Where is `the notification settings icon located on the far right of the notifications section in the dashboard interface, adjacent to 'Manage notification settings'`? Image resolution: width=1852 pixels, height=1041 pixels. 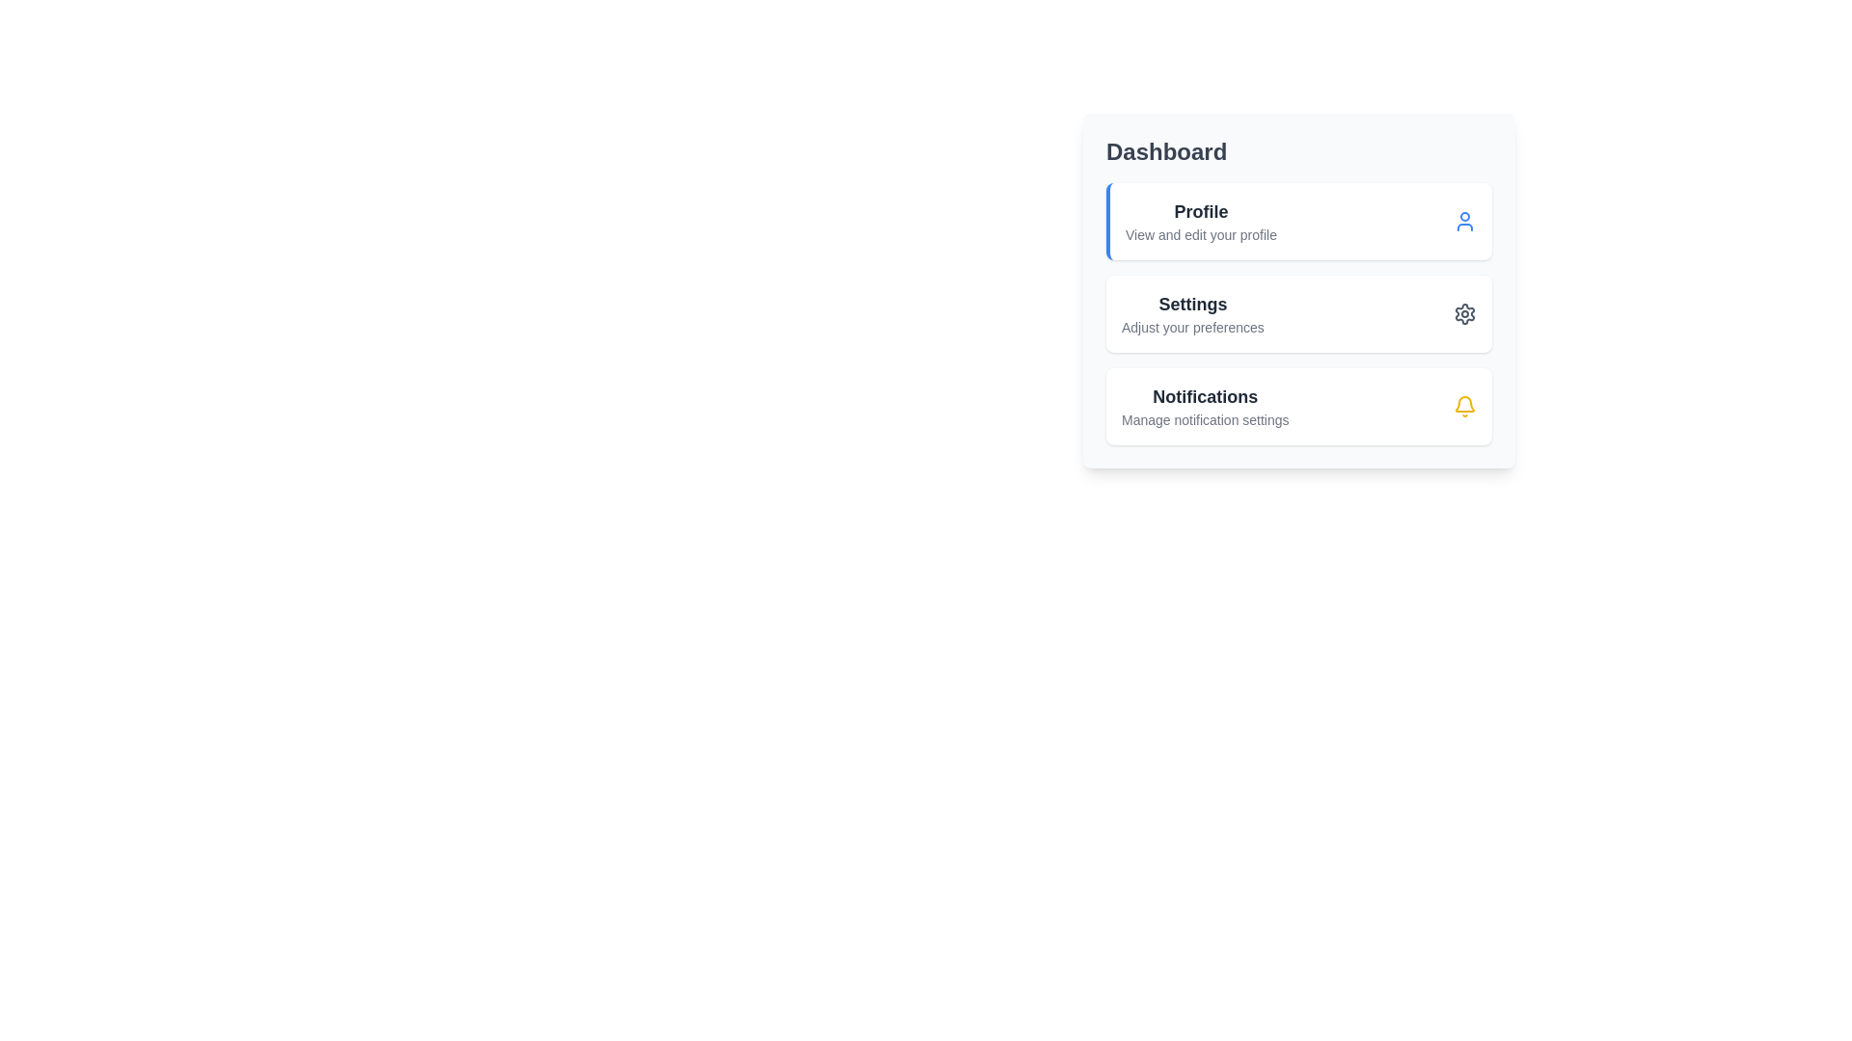
the notification settings icon located on the far right of the notifications section in the dashboard interface, adjacent to 'Manage notification settings' is located at coordinates (1464, 405).